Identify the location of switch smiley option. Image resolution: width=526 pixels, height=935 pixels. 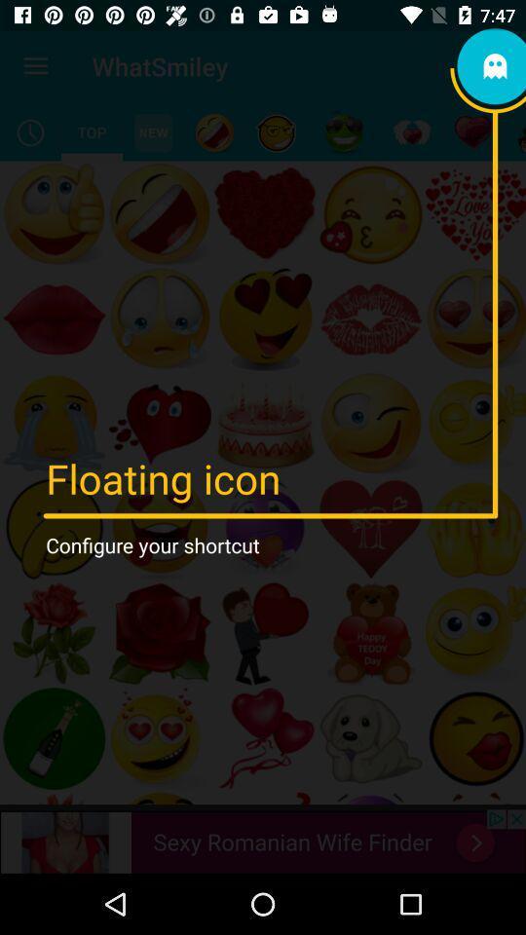
(275, 131).